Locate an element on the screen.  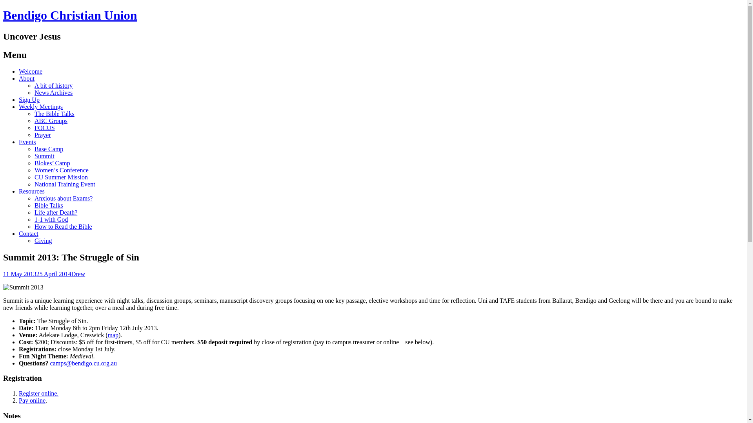
'About' is located at coordinates (26, 78).